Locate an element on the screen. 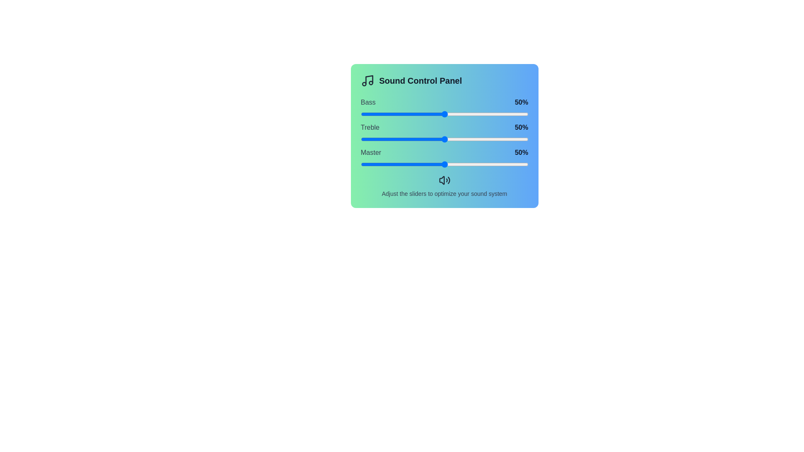  the 'Sound Control Panel' header is located at coordinates (444, 80).